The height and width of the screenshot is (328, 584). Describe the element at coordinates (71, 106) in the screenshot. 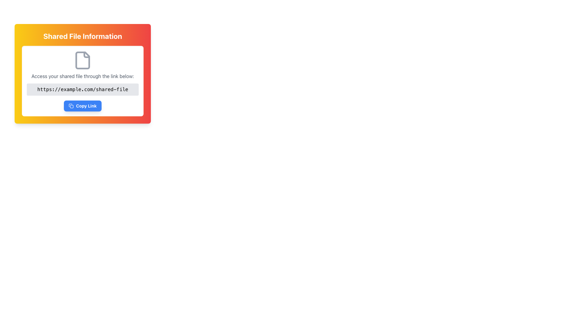

I see `the visual information of the small rectangular shape with rounded corners inside the overlapping squares icon, located` at that location.